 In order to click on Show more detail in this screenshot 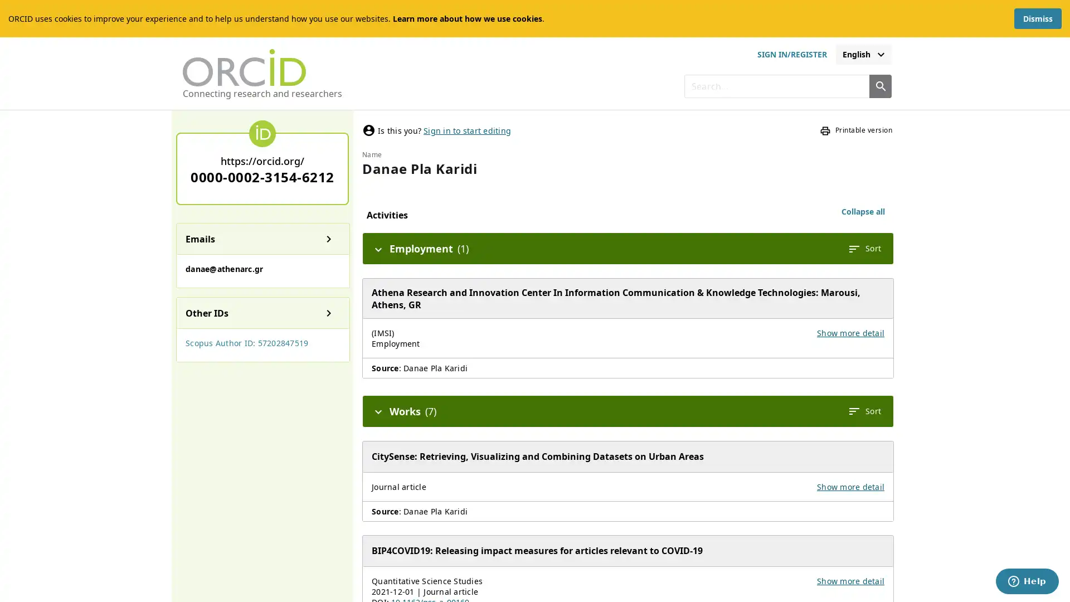, I will do `click(850, 486)`.